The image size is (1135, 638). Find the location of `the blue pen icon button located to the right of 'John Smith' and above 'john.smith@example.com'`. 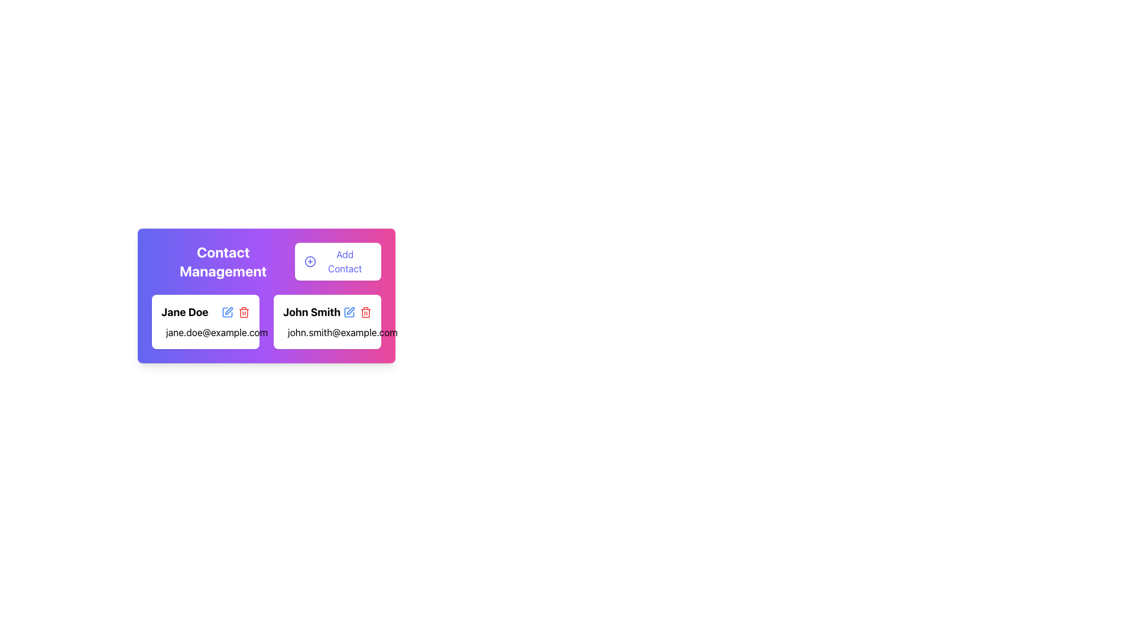

the blue pen icon button located to the right of 'John Smith' and above 'john.smith@example.com' is located at coordinates (348, 311).